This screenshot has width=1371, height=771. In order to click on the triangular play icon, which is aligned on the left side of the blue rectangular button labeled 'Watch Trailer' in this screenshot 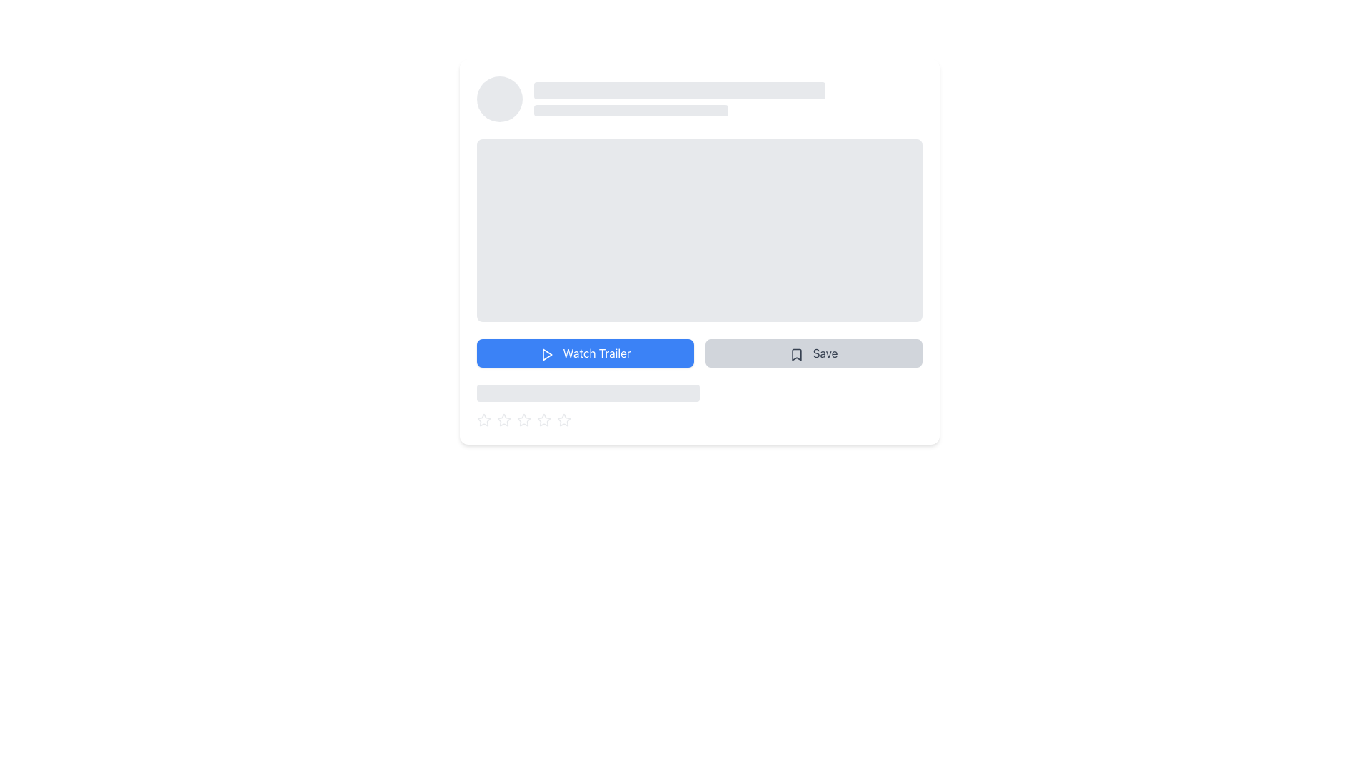, I will do `click(547, 353)`.